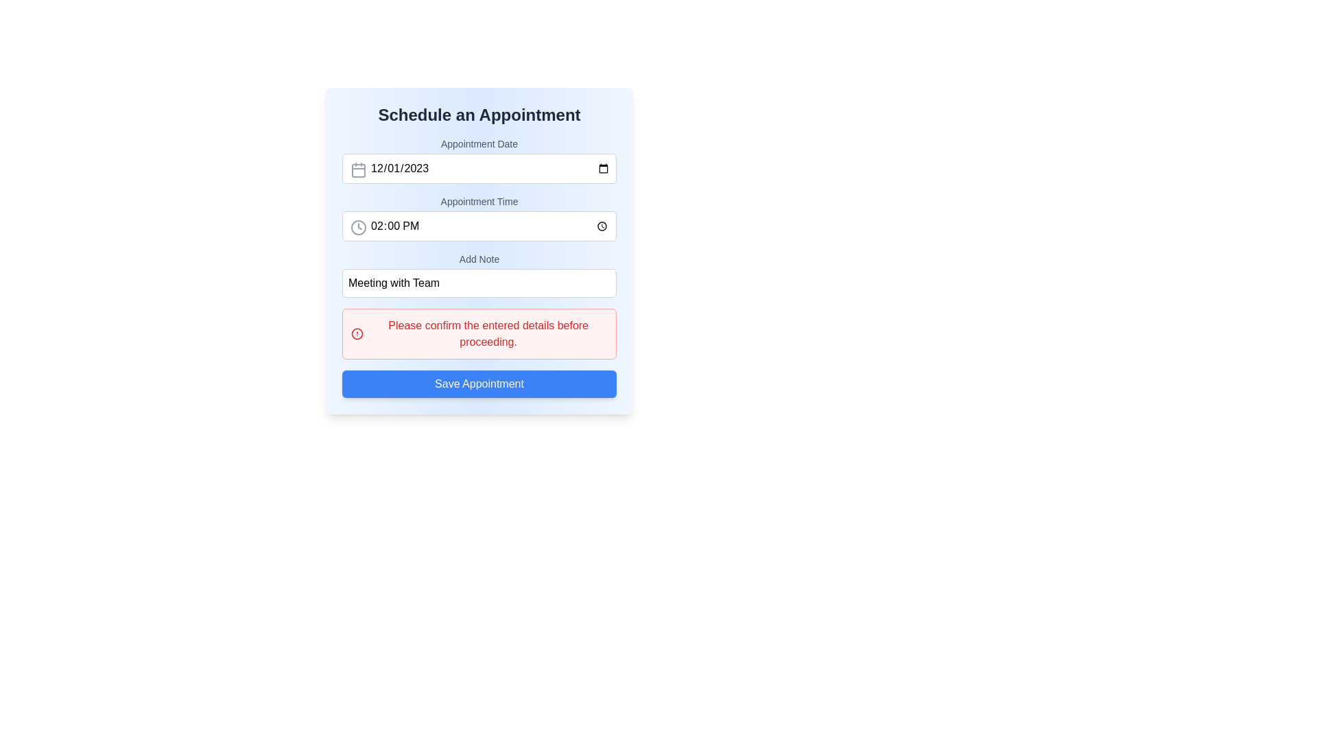 Image resolution: width=1317 pixels, height=741 pixels. What do you see at coordinates (359, 226) in the screenshot?
I see `the SVG circle that serves as the outer boundary of the clock icon representing the Appointment Time field, located near the top-left corner of the field` at bounding box center [359, 226].